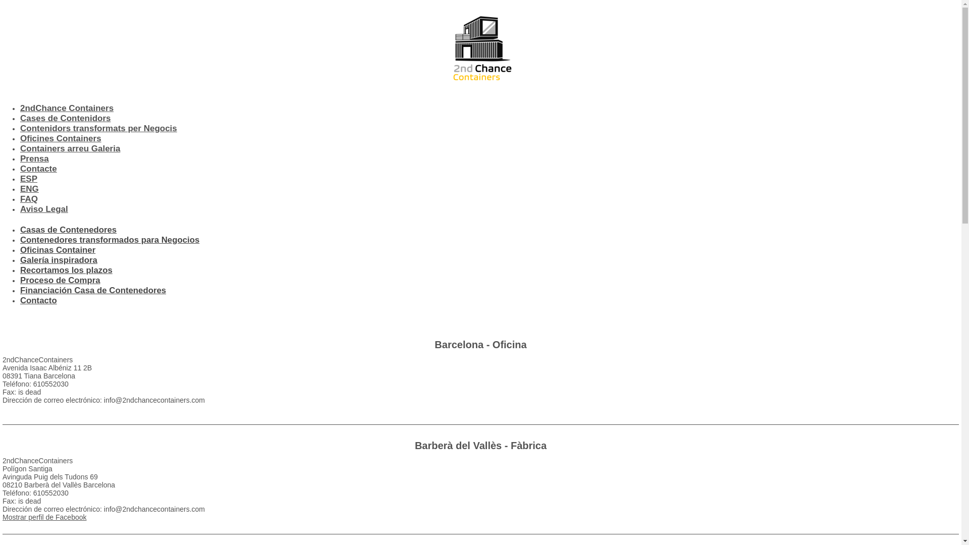 The image size is (969, 545). Describe the element at coordinates (60, 280) in the screenshot. I see `'Proceso de Compra'` at that location.